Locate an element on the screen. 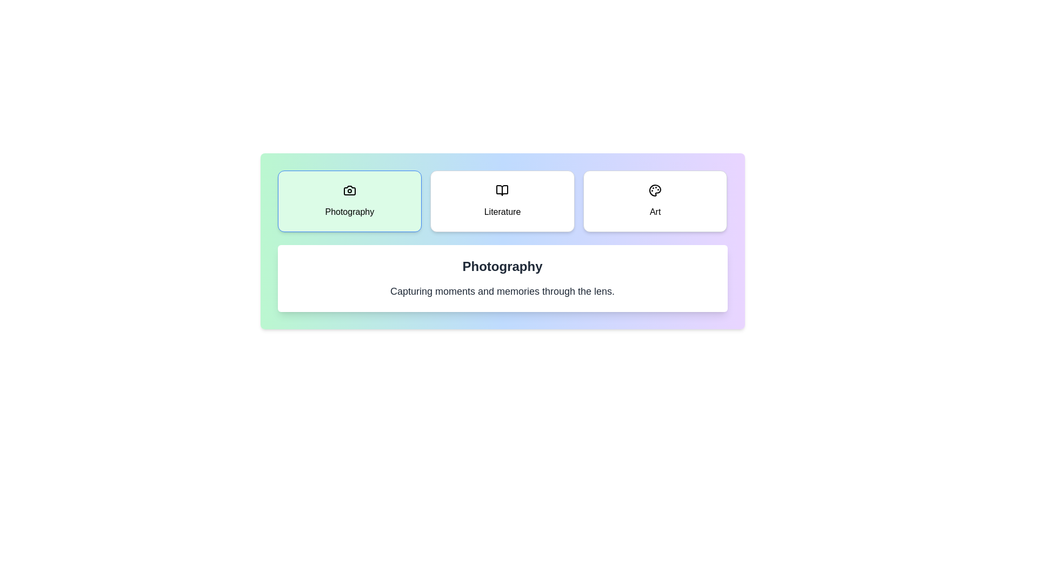 The width and height of the screenshot is (1038, 583). the SVG graphical icon representing the concept of art, located within the top right section of the interface inside the third card labeled 'Art' is located at coordinates (655, 190).